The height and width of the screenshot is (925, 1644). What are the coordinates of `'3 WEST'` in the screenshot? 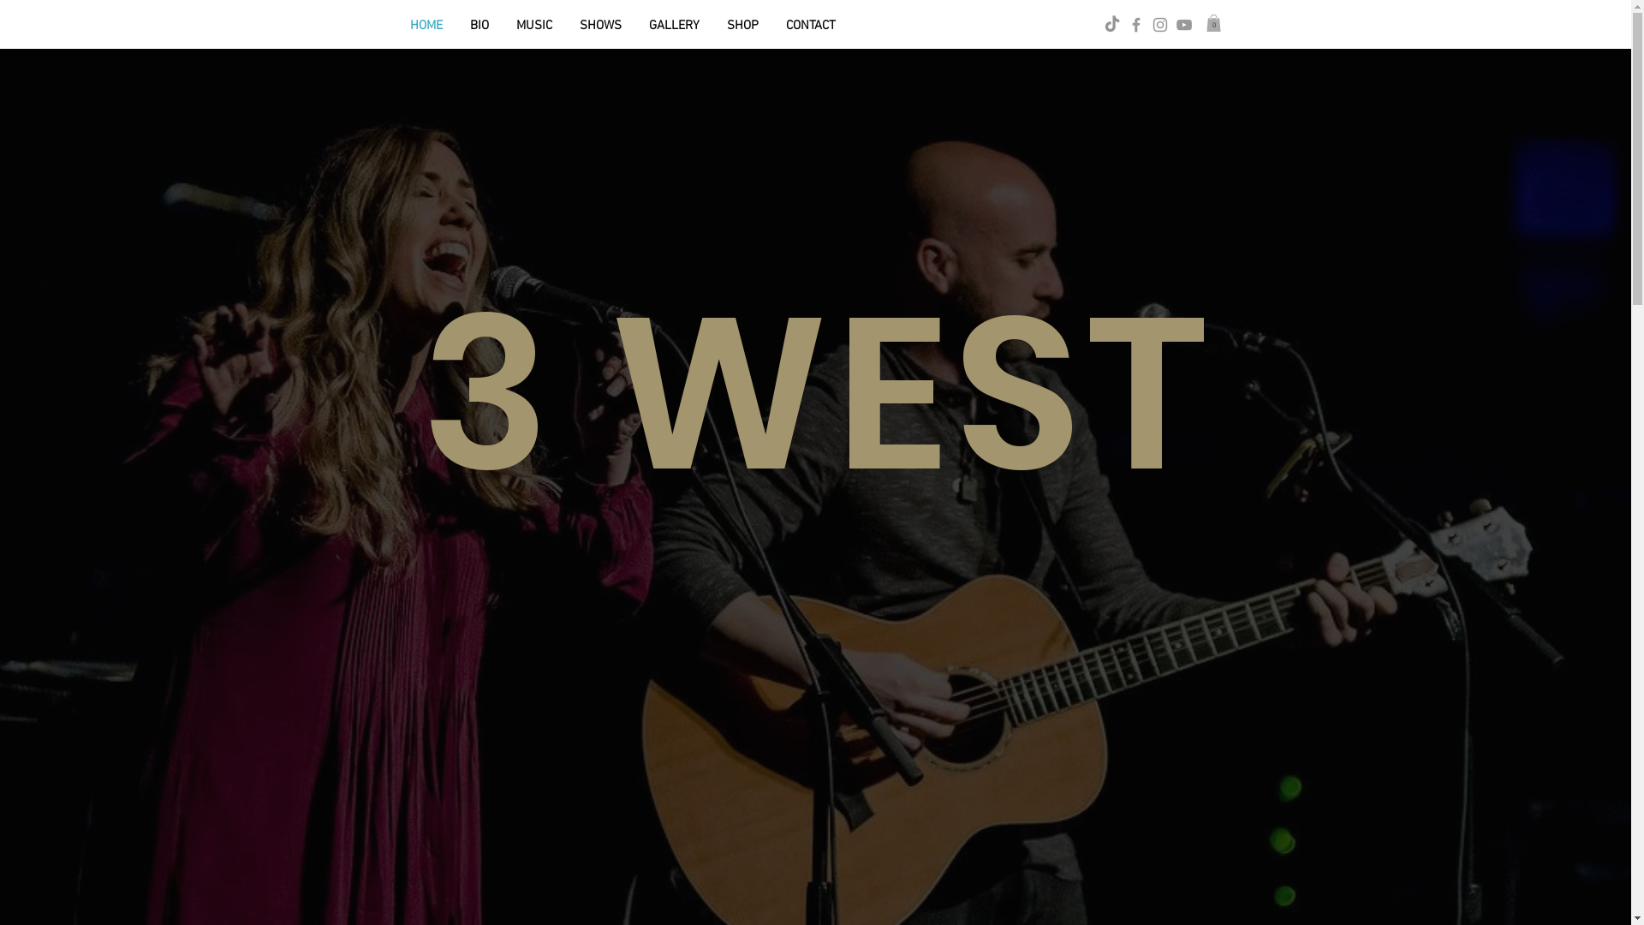 It's located at (817, 393).